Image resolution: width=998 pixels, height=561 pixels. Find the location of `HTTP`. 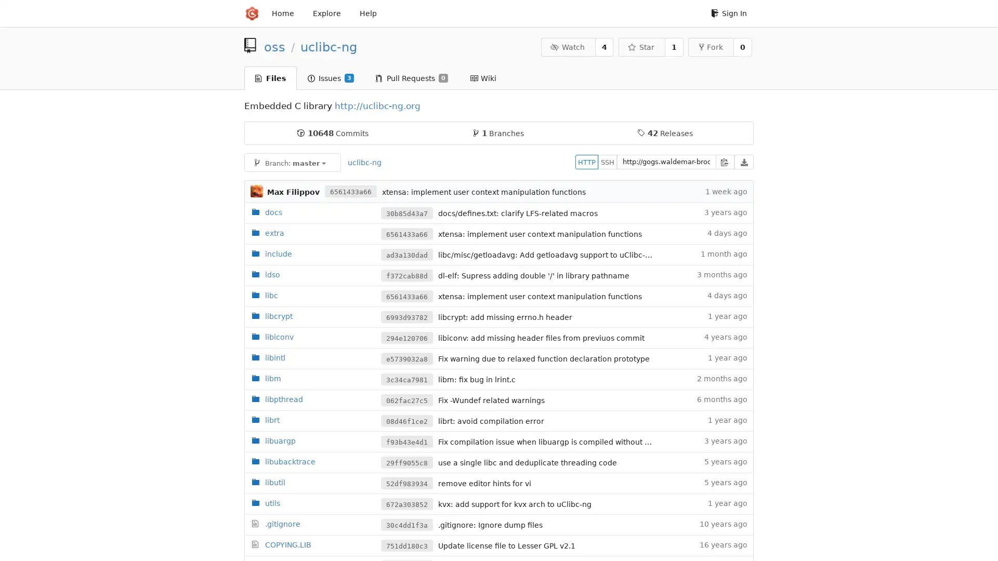

HTTP is located at coordinates (586, 162).